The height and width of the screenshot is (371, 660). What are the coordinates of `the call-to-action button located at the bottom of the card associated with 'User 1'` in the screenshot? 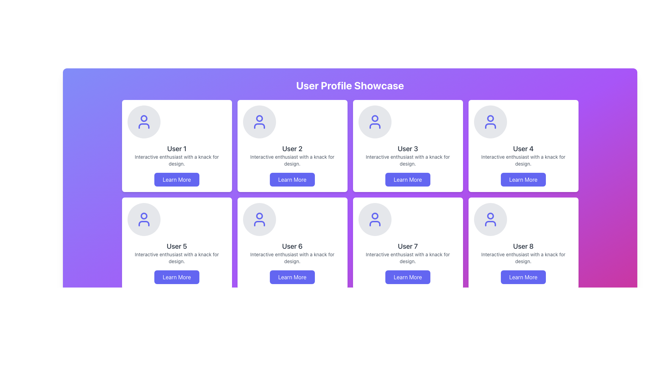 It's located at (177, 179).